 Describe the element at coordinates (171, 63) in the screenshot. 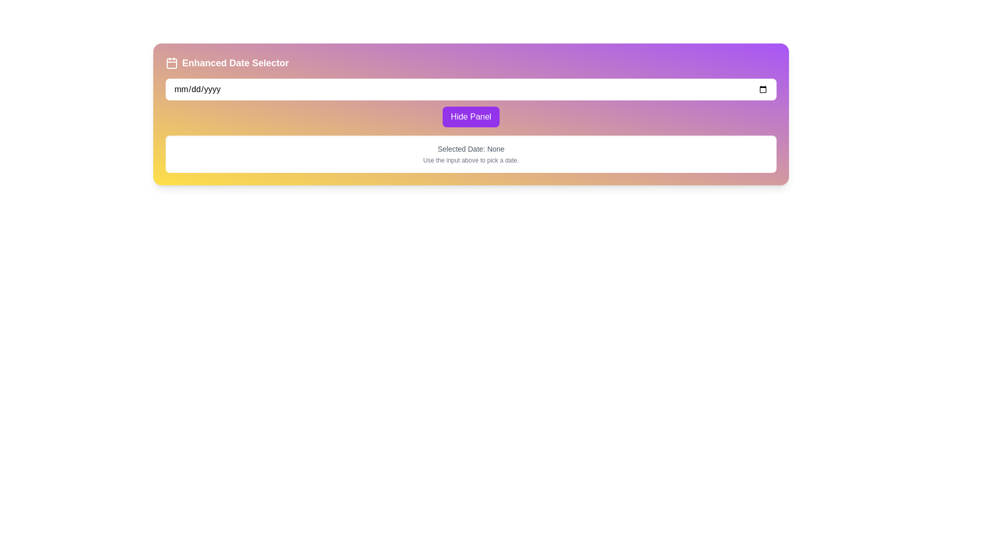

I see `the visual representation of the date-related icon located at the top-left section of the interface, preceding the label 'Enhanced Date Selector'` at that location.